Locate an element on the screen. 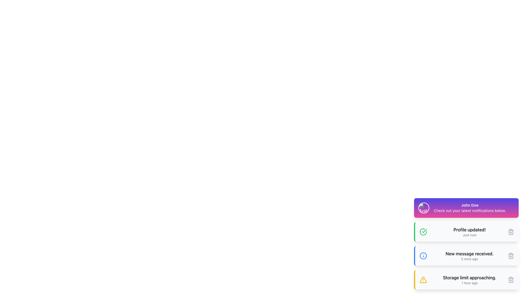 This screenshot has width=523, height=294. the information indicator icon located to the left of the notification content for 'New message received.' is located at coordinates (423, 256).